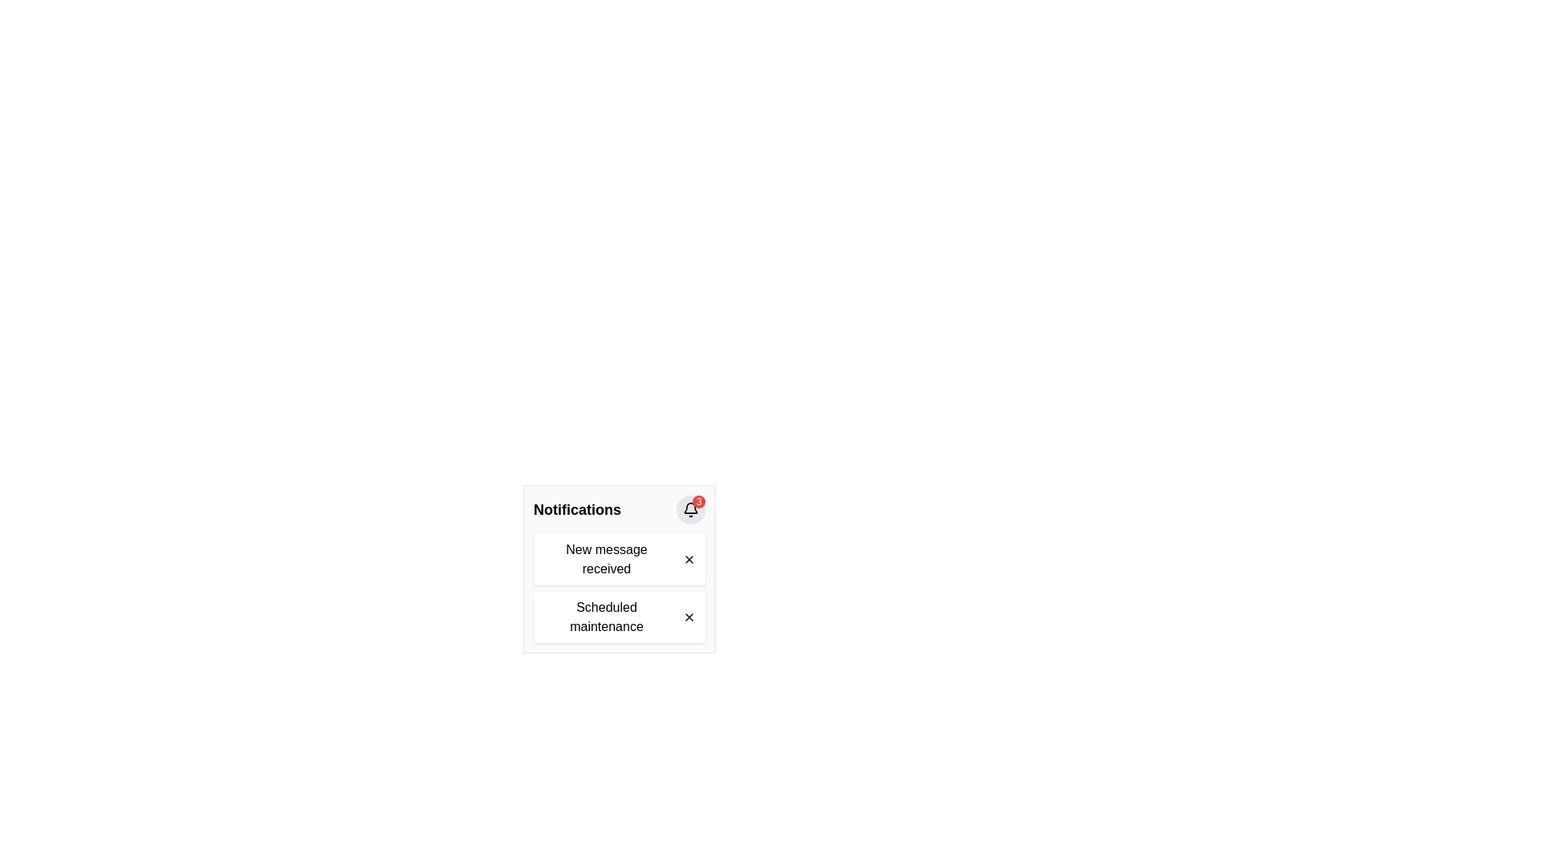 This screenshot has height=866, width=1541. I want to click on message displayed in the notification text label located centrally within the top notification card below the 'Notifications' header, so click(605, 559).